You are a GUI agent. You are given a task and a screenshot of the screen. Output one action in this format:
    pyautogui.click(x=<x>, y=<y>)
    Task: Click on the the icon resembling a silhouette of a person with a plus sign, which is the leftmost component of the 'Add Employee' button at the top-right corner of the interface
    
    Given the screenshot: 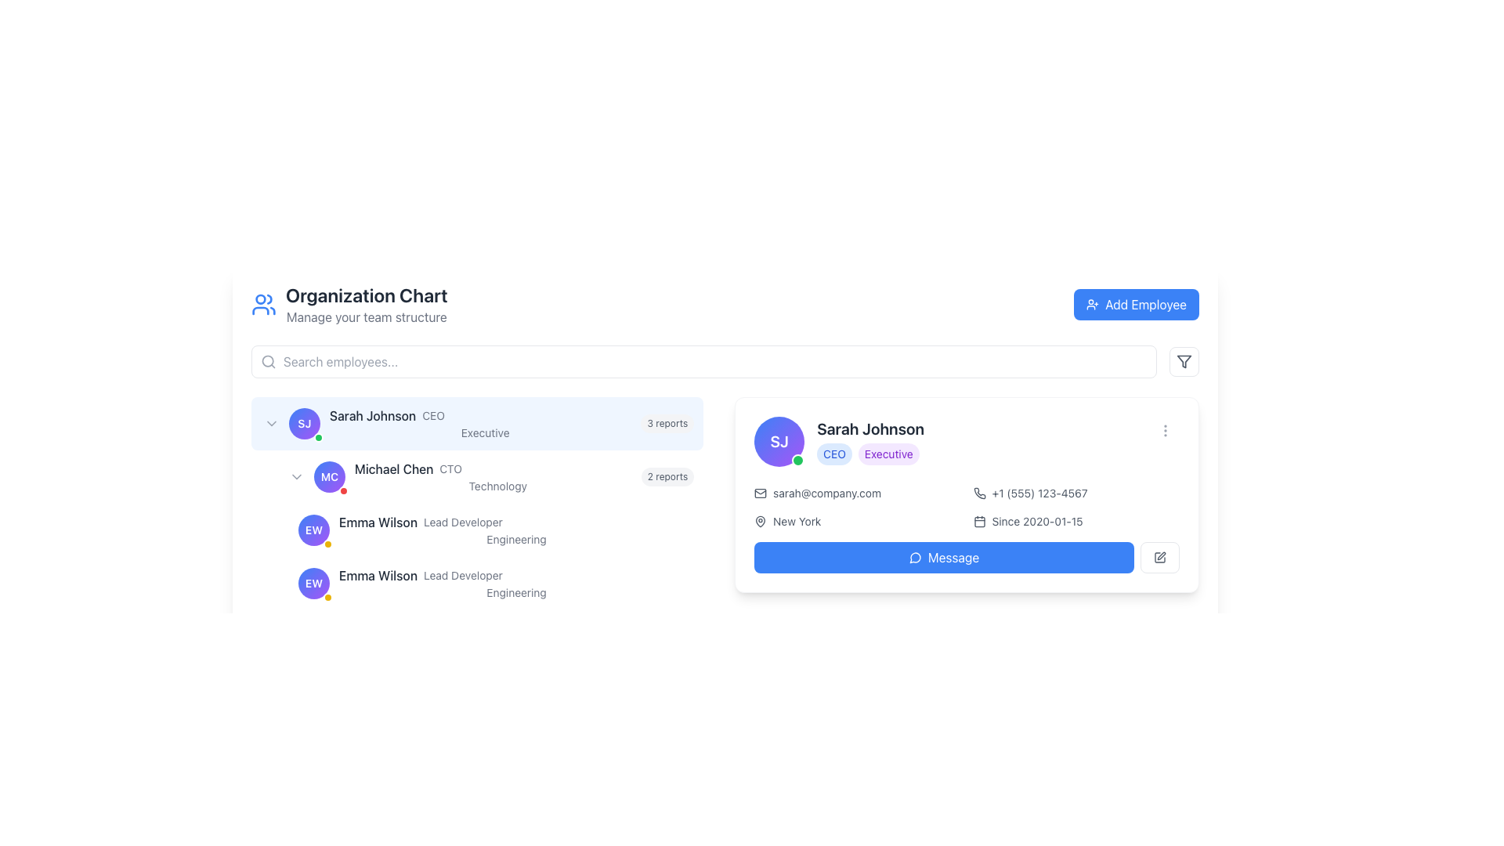 What is the action you would take?
    pyautogui.click(x=1092, y=305)
    